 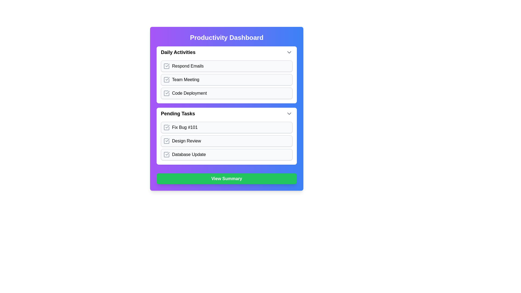 I want to click on the checkbox icon with a checkmark inside it located in the 'Pending Tasks' section of the 'Fix Bug #101' task item, so click(x=166, y=128).